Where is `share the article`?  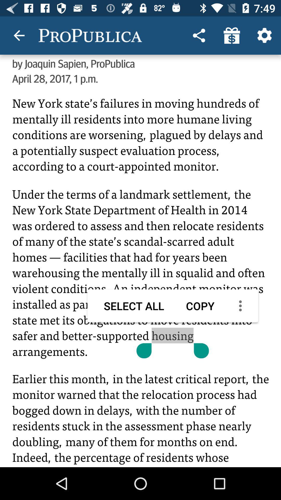
share the article is located at coordinates (140, 276).